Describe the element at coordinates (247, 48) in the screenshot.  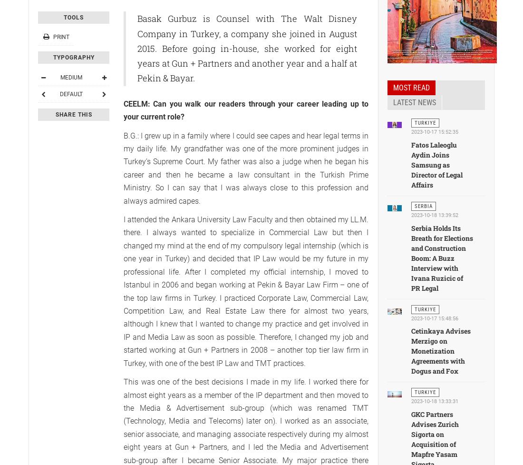
I see `'Basak Gurbuz is Counsel with The Walt Disney Company in Turkey, a company she joined in August 2015. Before going in-house, she worked for eight years at Gun + Partners and another year and a half at Pekin & Bayar.'` at that location.